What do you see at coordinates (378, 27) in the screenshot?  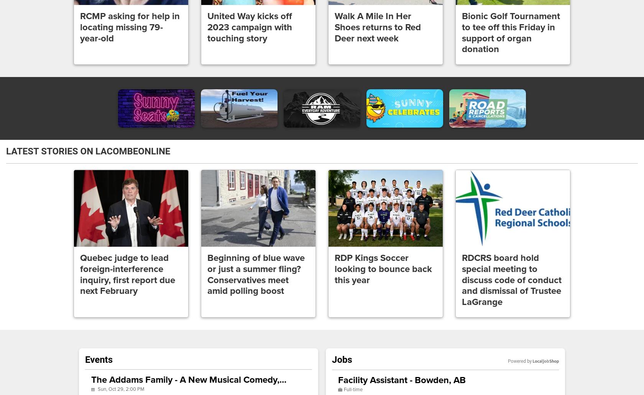 I see `'Walk A Mile In Her Shoes returns to Red Deer next week'` at bounding box center [378, 27].